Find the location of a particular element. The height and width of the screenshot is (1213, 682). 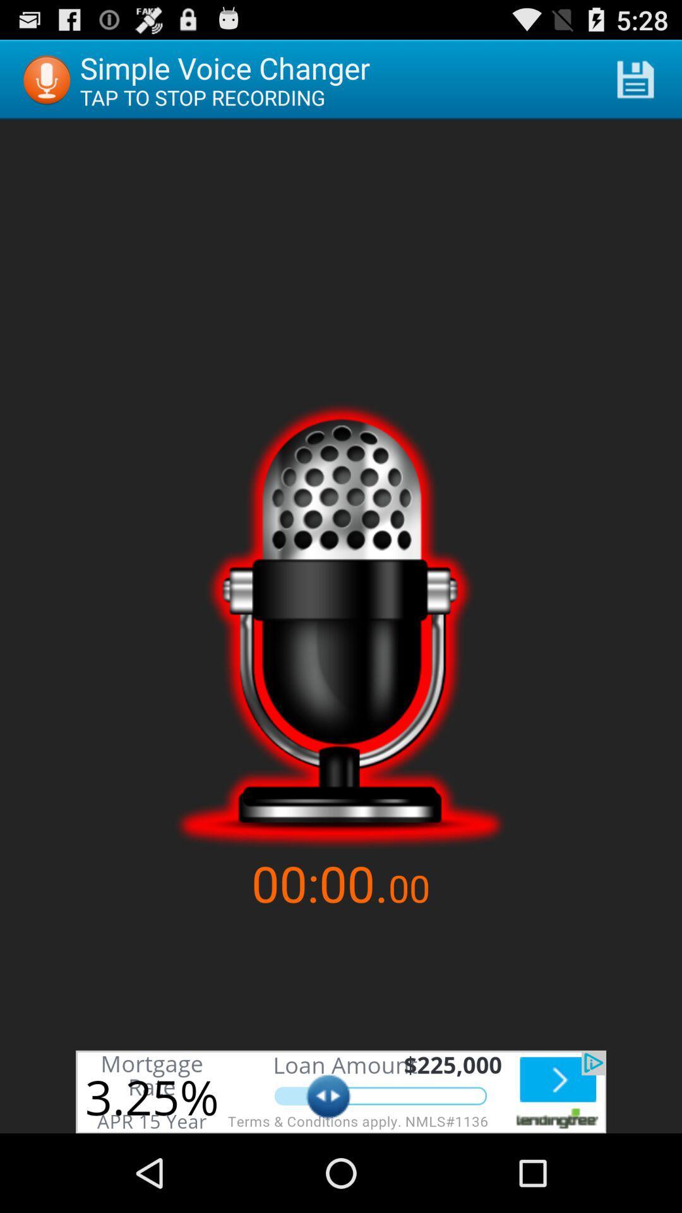

sound speaker is located at coordinates (340, 626).